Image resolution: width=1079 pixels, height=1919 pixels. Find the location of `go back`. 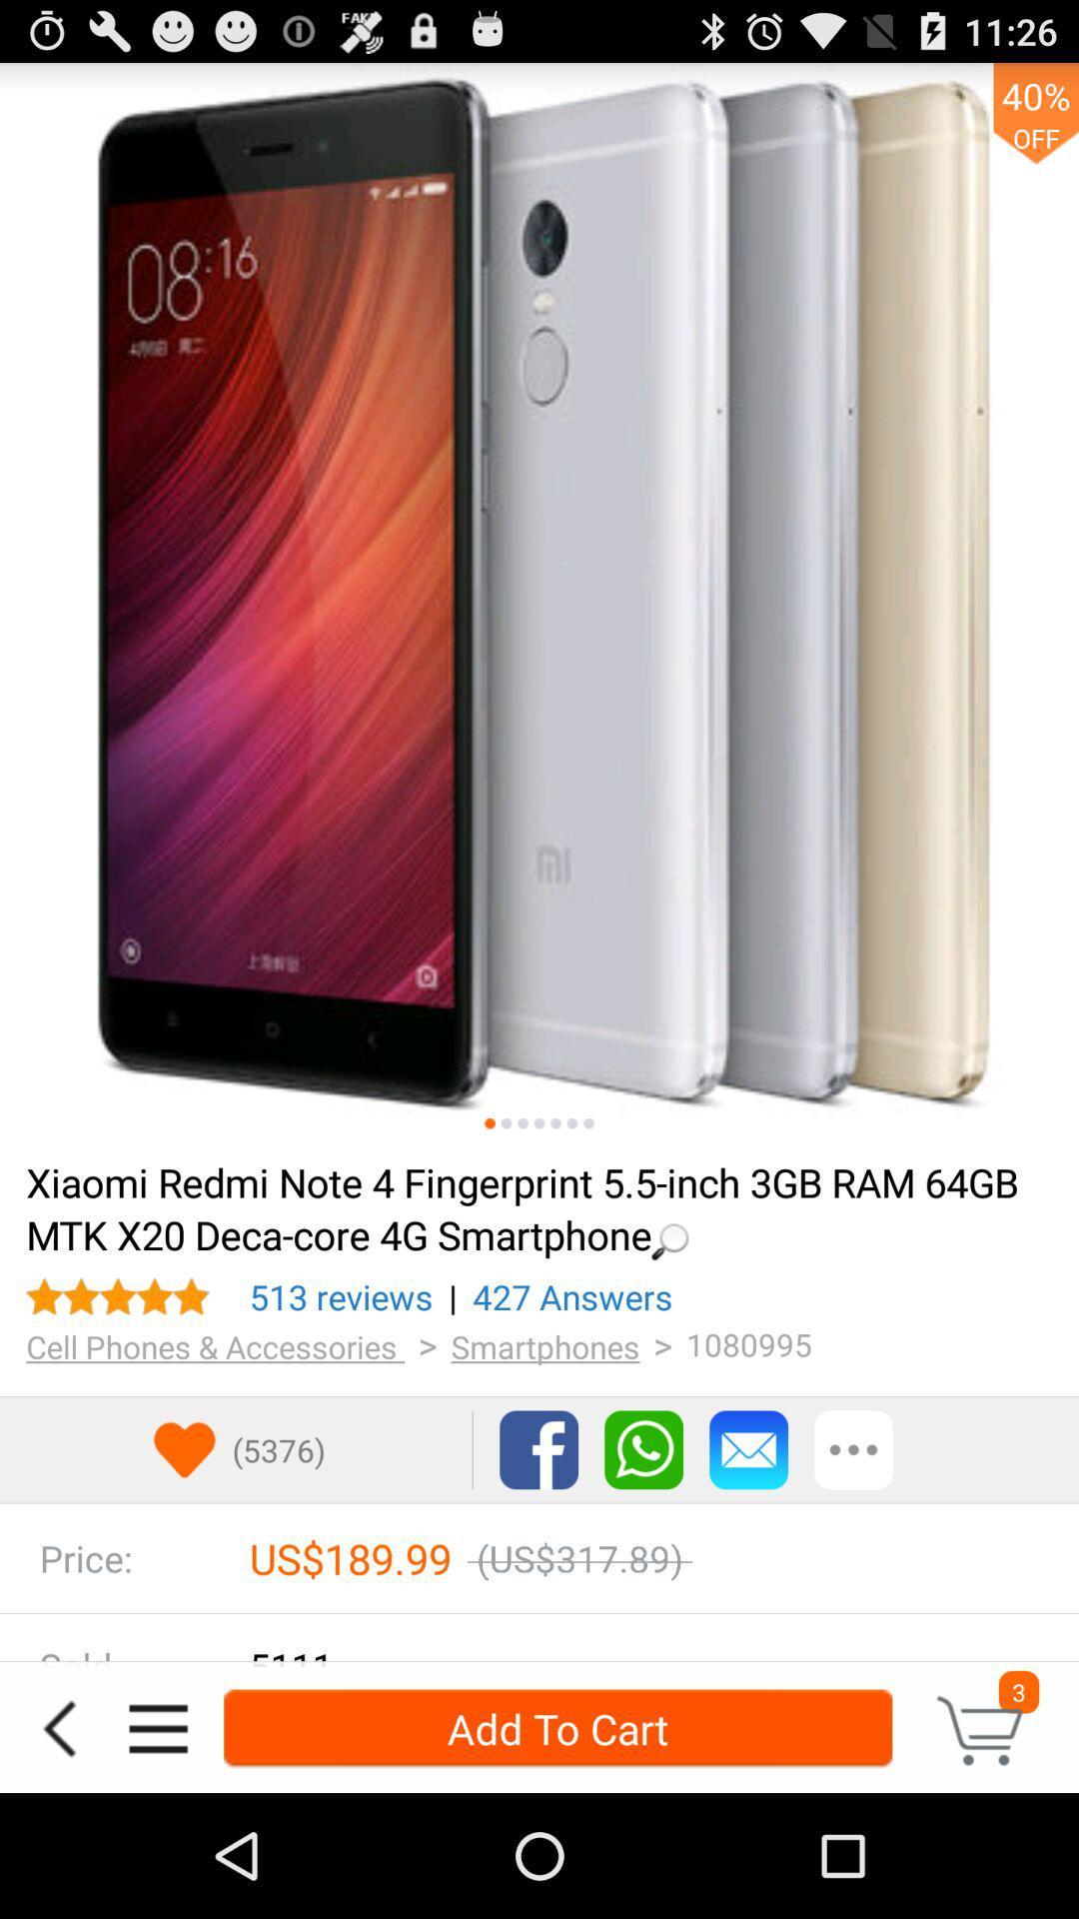

go back is located at coordinates (58, 1727).